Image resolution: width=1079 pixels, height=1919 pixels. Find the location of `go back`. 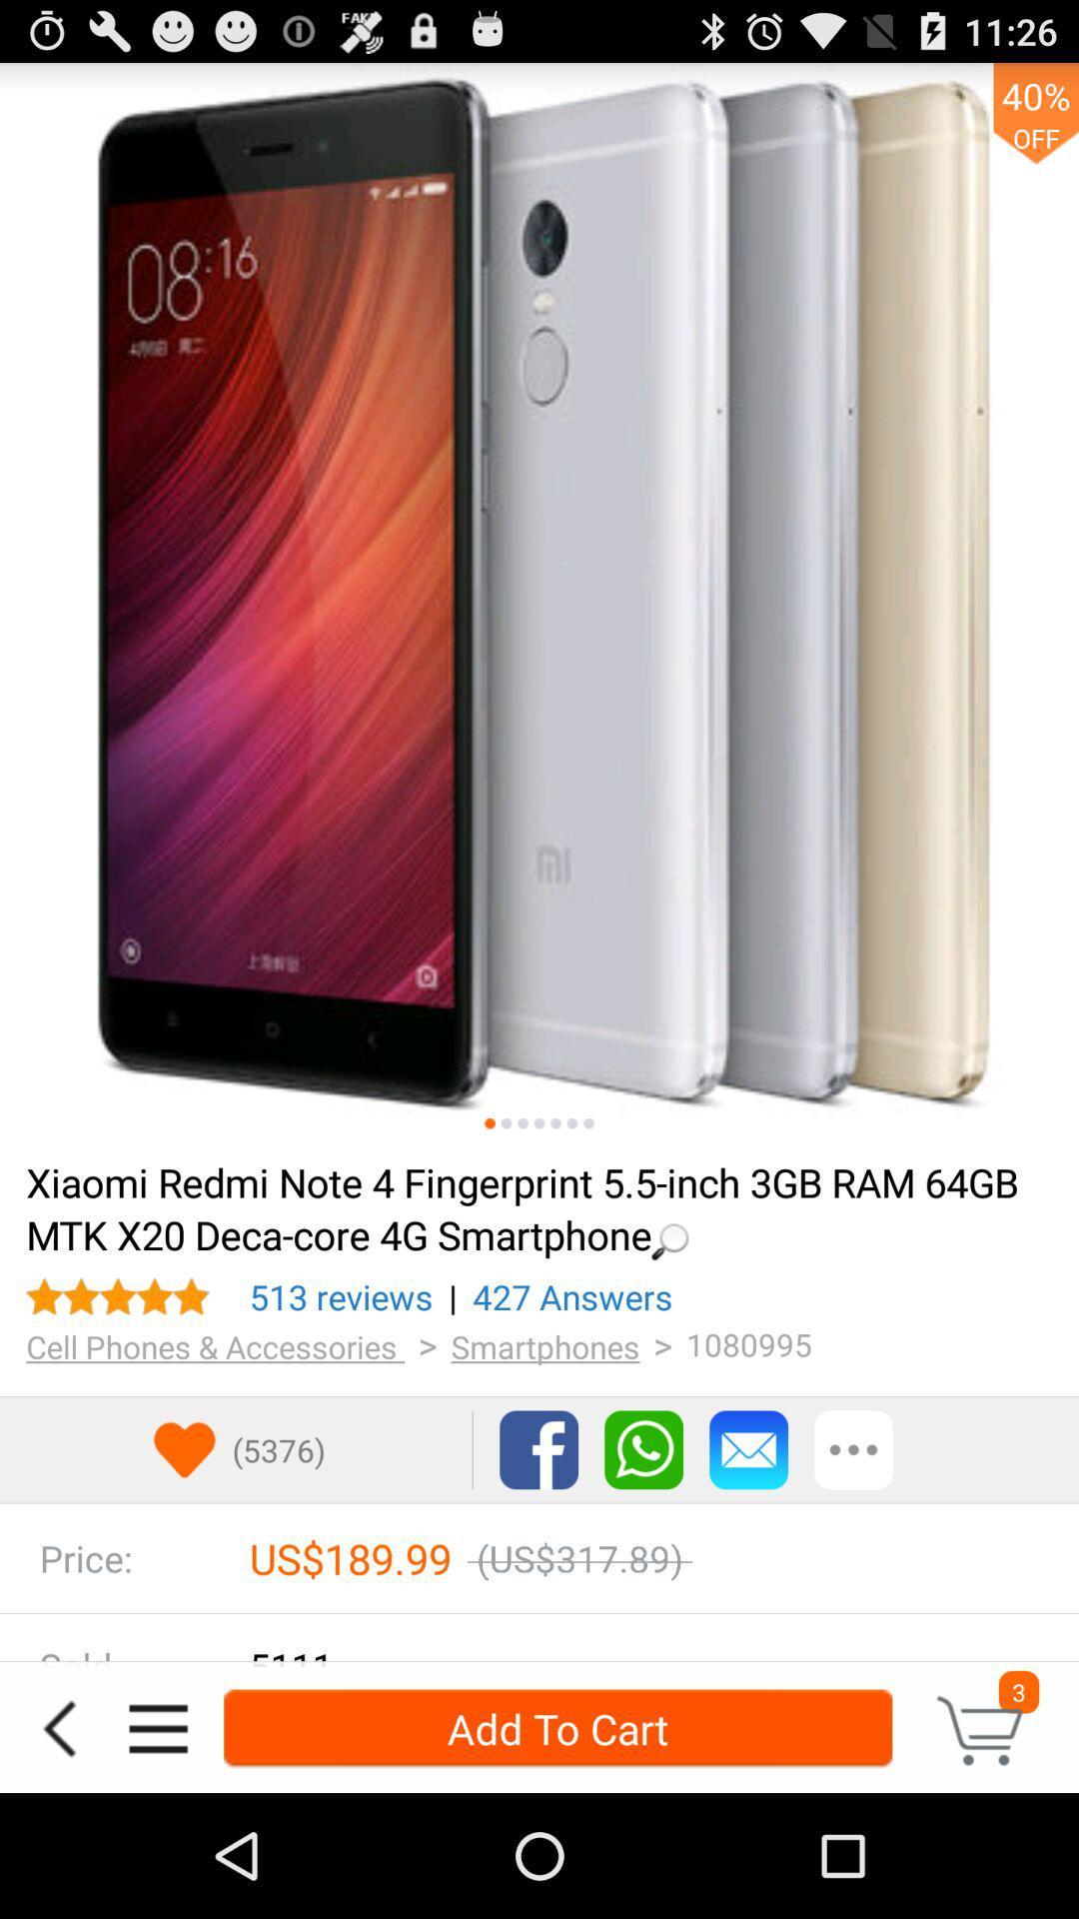

go back is located at coordinates (58, 1727).